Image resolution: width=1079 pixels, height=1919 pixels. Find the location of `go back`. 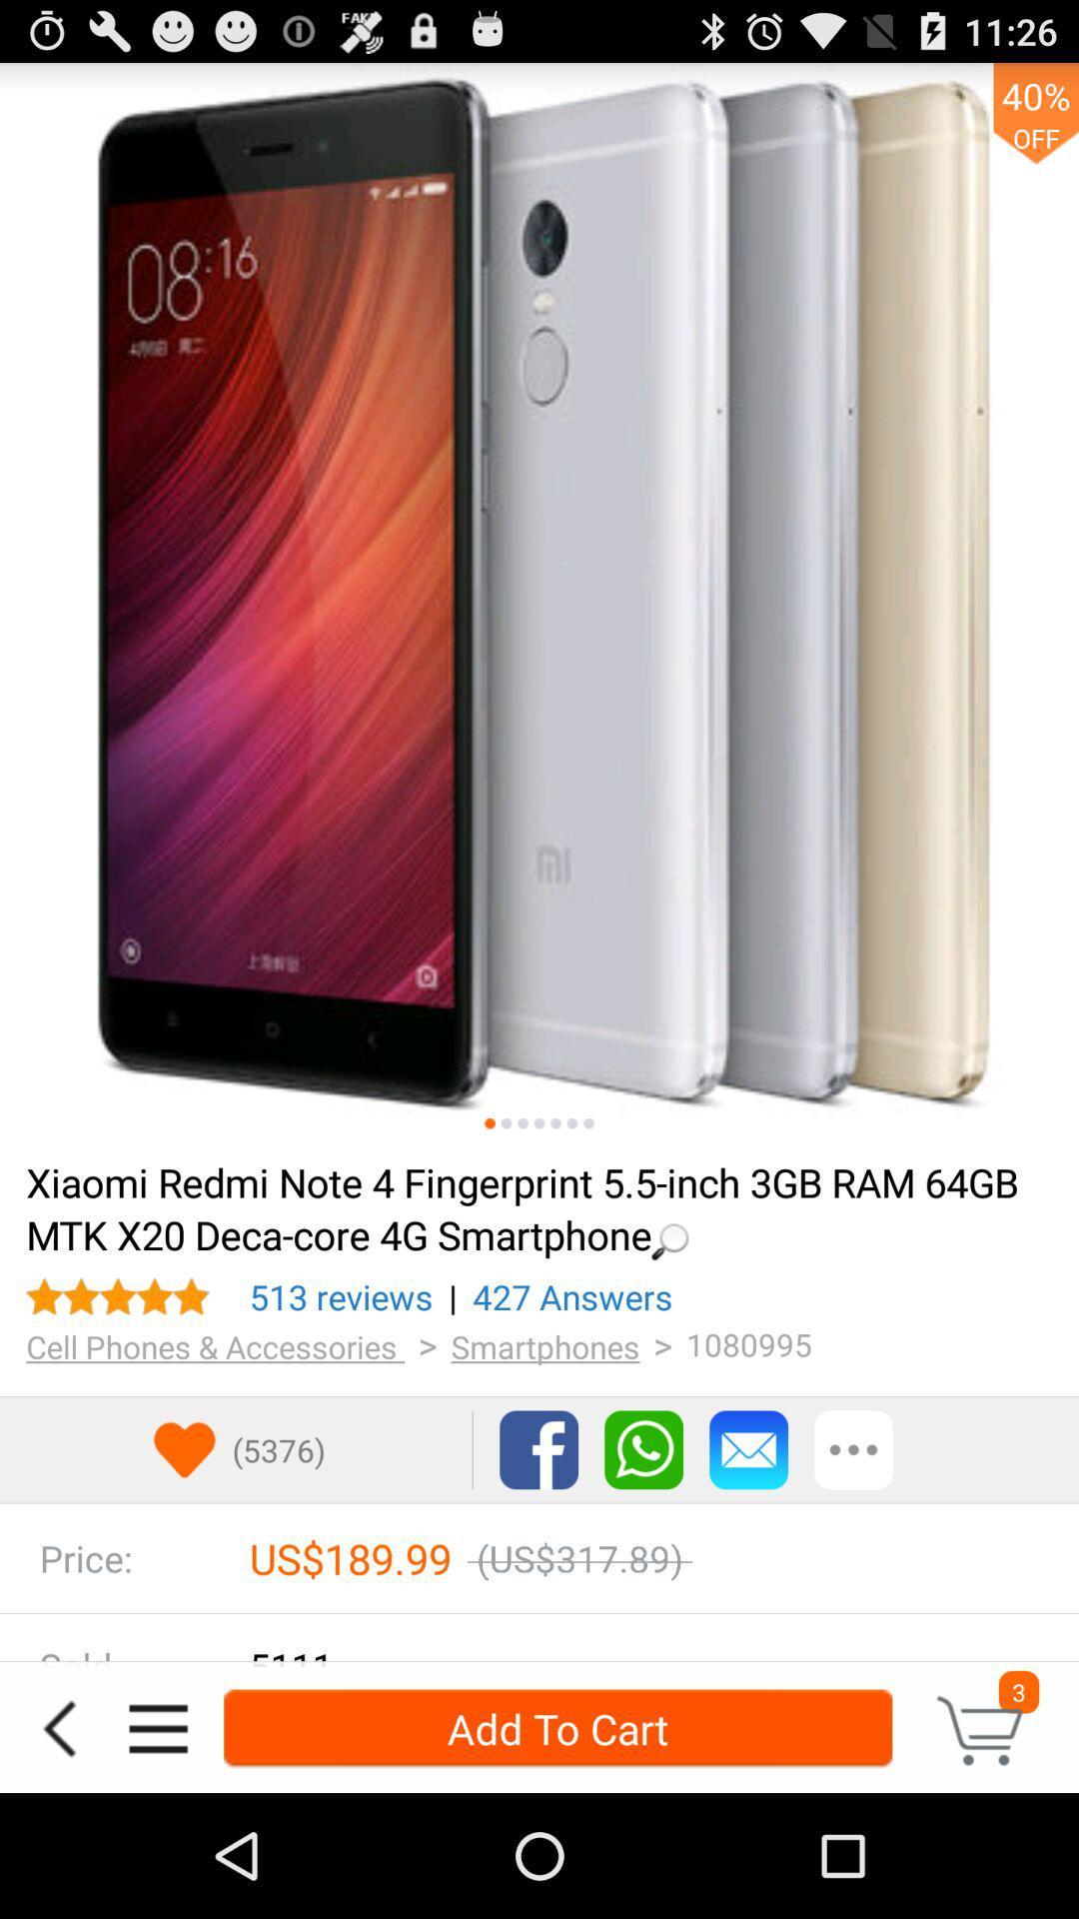

go back is located at coordinates (58, 1727).